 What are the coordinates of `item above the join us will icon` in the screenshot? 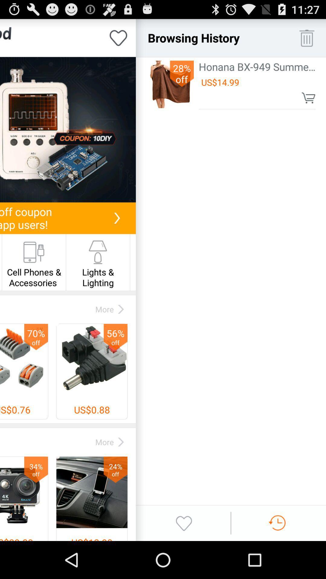 It's located at (68, 129).